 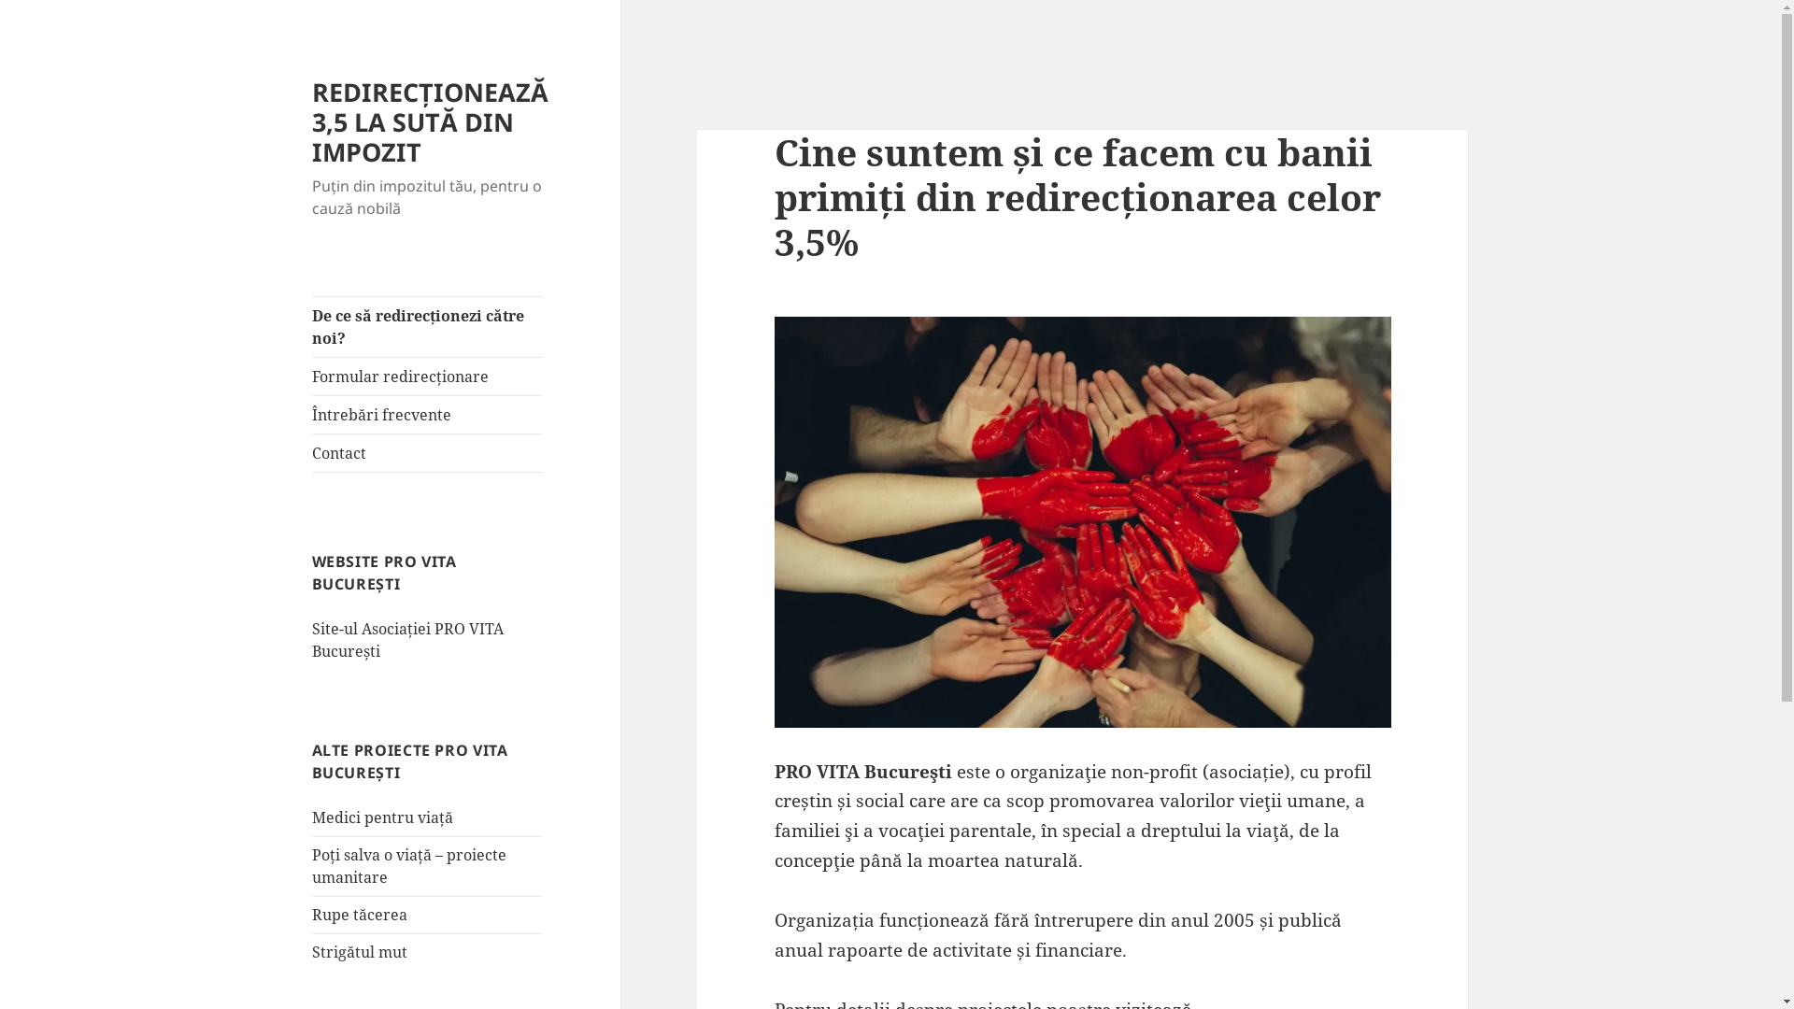 I want to click on 'Contact', so click(x=312, y=453).